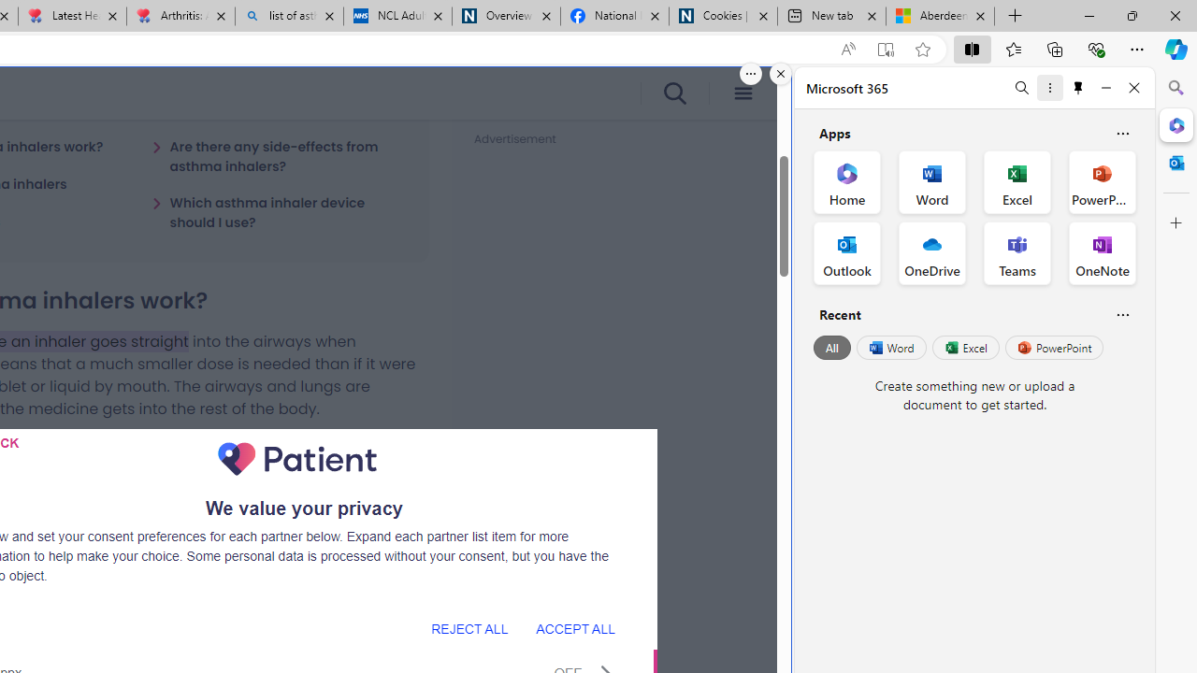 Image resolution: width=1197 pixels, height=673 pixels. I want to click on 'Outlook Office App', so click(846, 253).